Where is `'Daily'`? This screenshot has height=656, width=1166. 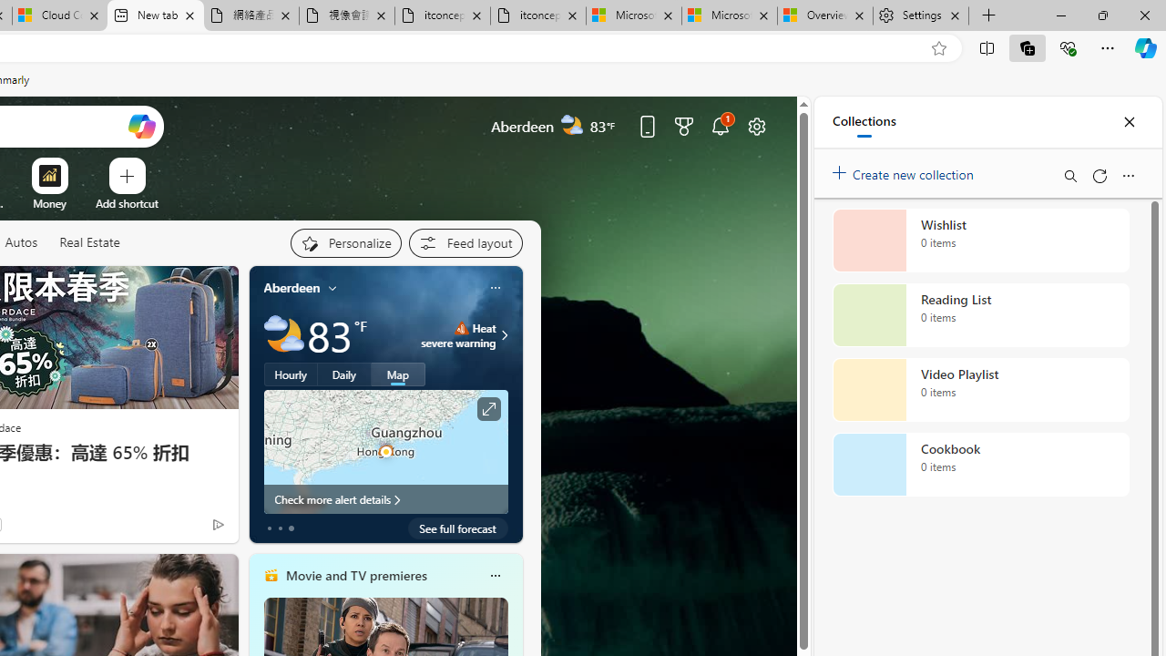 'Daily' is located at coordinates (344, 374).